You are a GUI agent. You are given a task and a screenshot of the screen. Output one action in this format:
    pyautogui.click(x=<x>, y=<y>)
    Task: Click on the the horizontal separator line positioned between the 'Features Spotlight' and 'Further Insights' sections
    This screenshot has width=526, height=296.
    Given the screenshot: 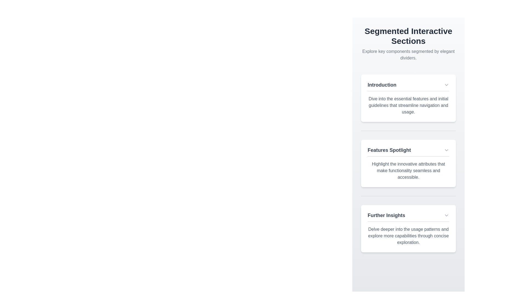 What is the action you would take?
    pyautogui.click(x=408, y=195)
    